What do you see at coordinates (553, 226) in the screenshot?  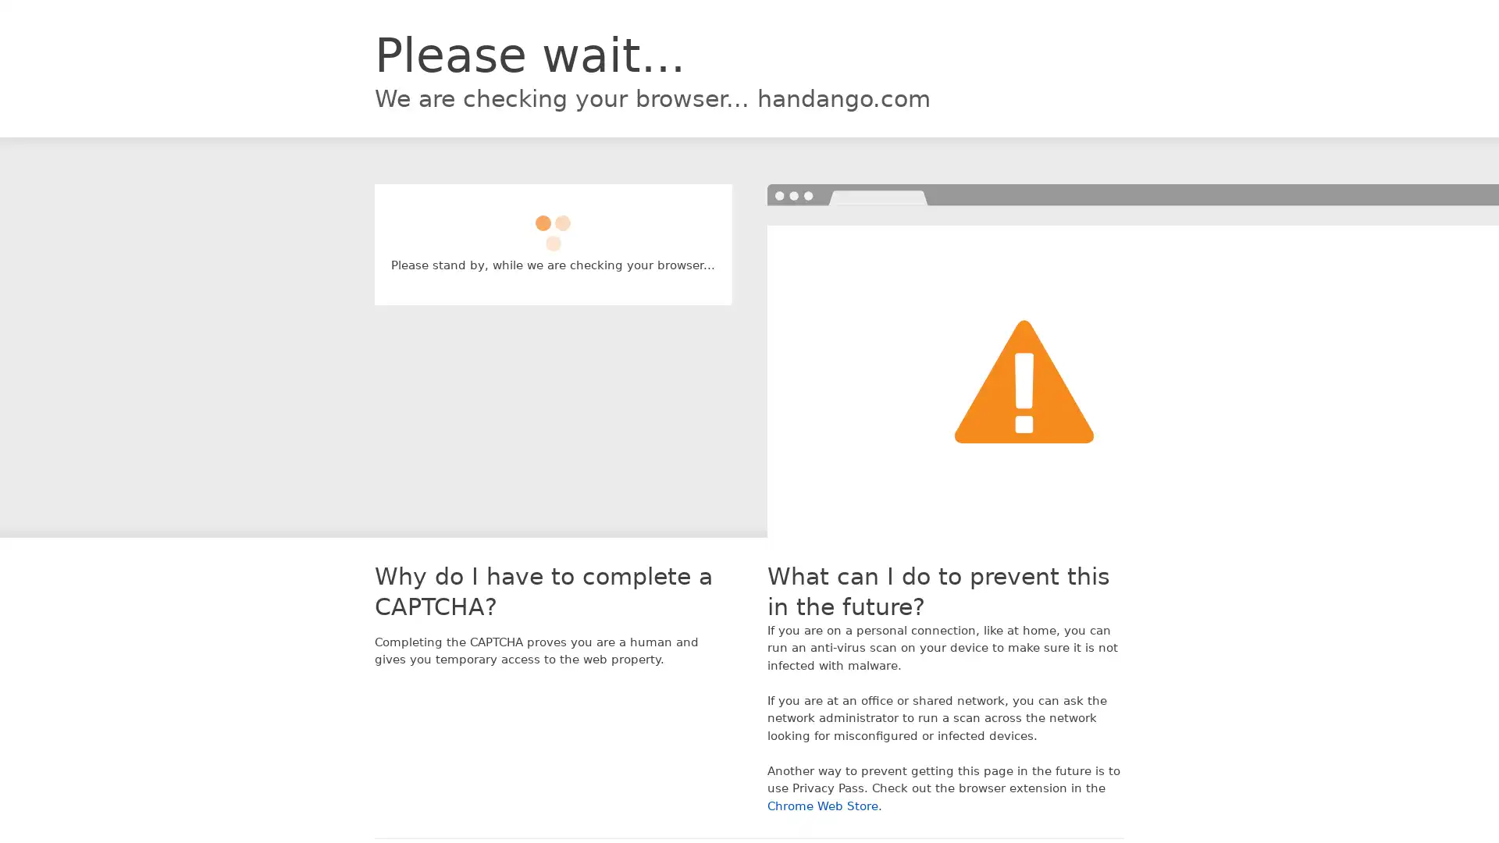 I see `Verify I am not a bot` at bounding box center [553, 226].